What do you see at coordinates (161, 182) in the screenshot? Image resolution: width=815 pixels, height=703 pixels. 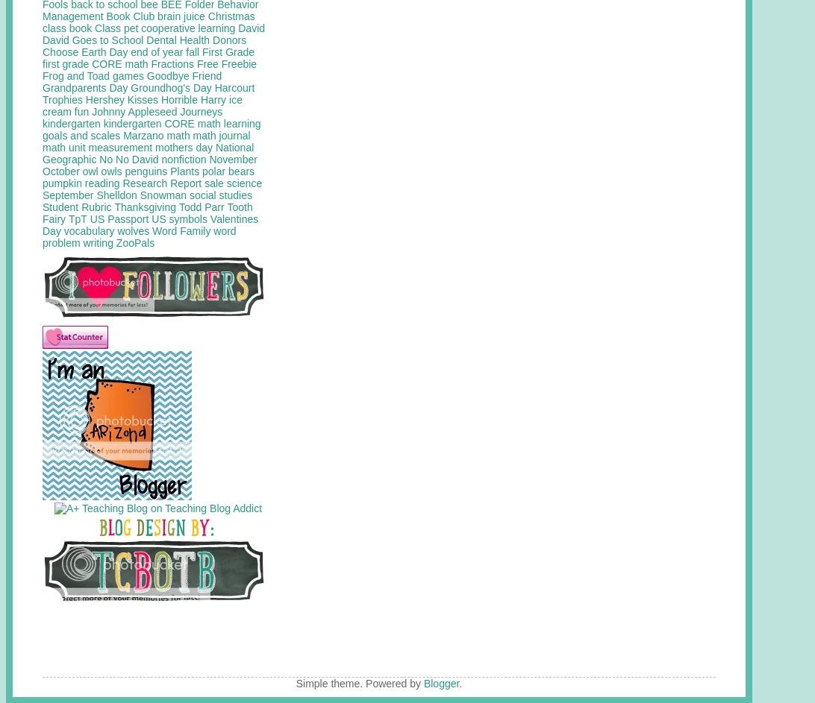 I see `'Research Report'` at bounding box center [161, 182].